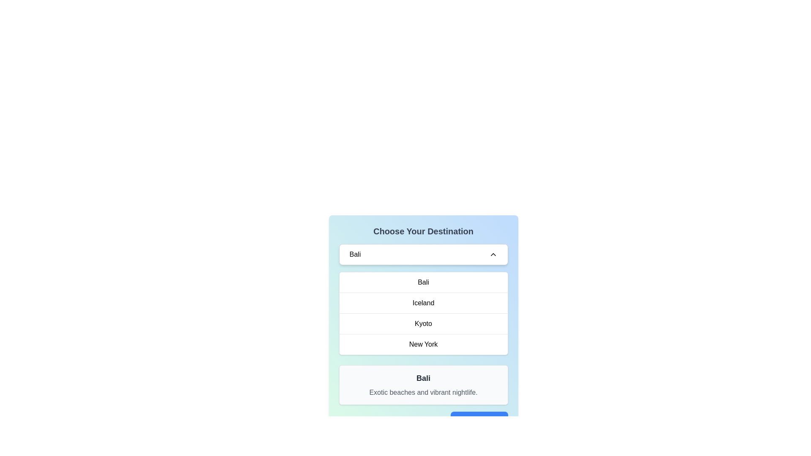  Describe the element at coordinates (423, 282) in the screenshot. I see `the text label for the 'Bali' destination within the list` at that location.